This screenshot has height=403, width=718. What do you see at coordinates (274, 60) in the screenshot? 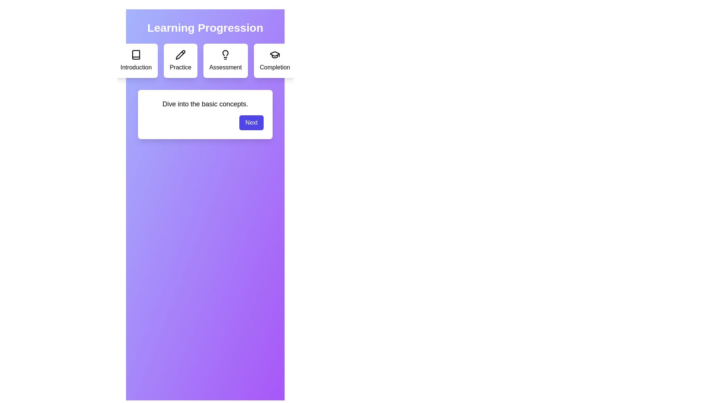
I see `the step Completion in the learning path` at bounding box center [274, 60].